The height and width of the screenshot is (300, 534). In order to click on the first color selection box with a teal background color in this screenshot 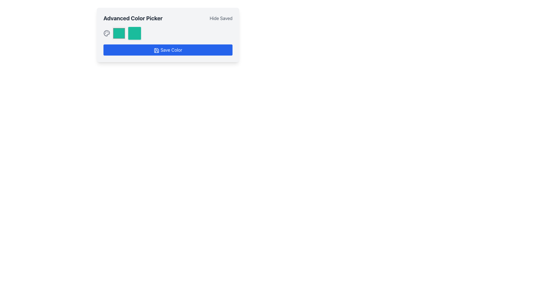, I will do `click(118, 33)`.